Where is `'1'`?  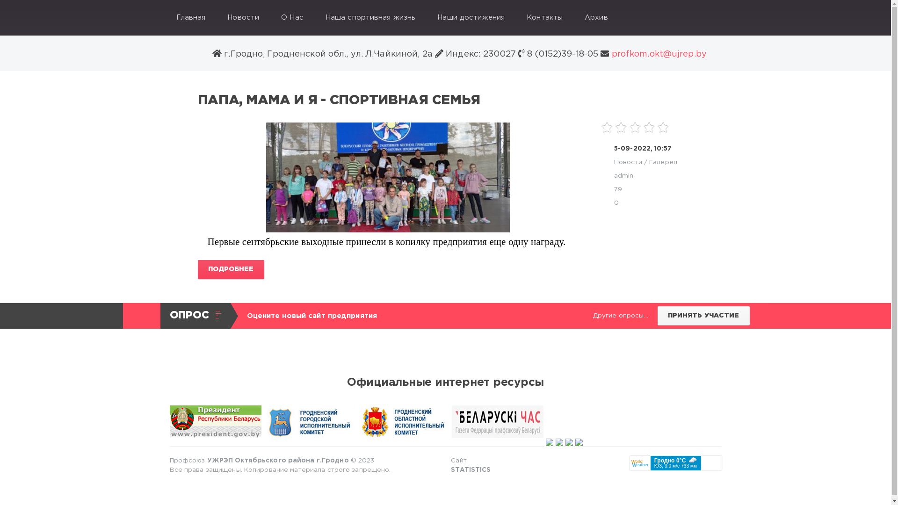 '1' is located at coordinates (607, 127).